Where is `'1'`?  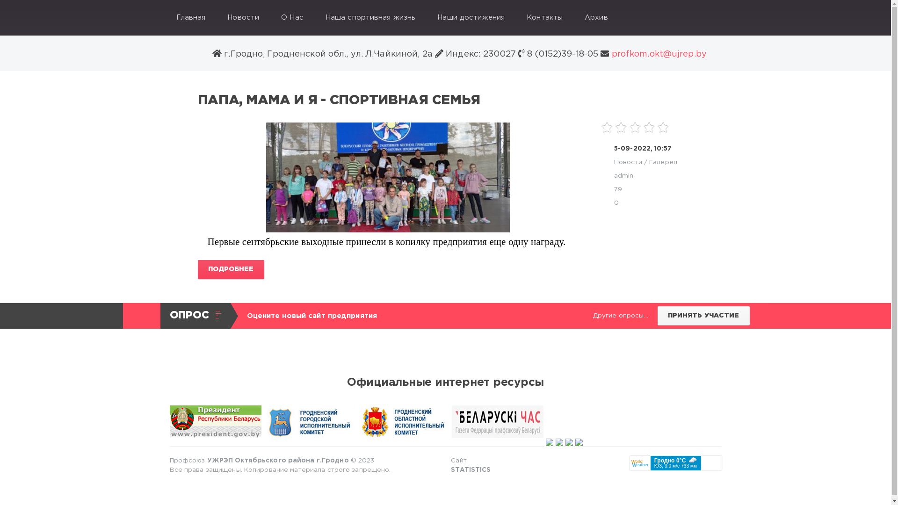 '1' is located at coordinates (607, 127).